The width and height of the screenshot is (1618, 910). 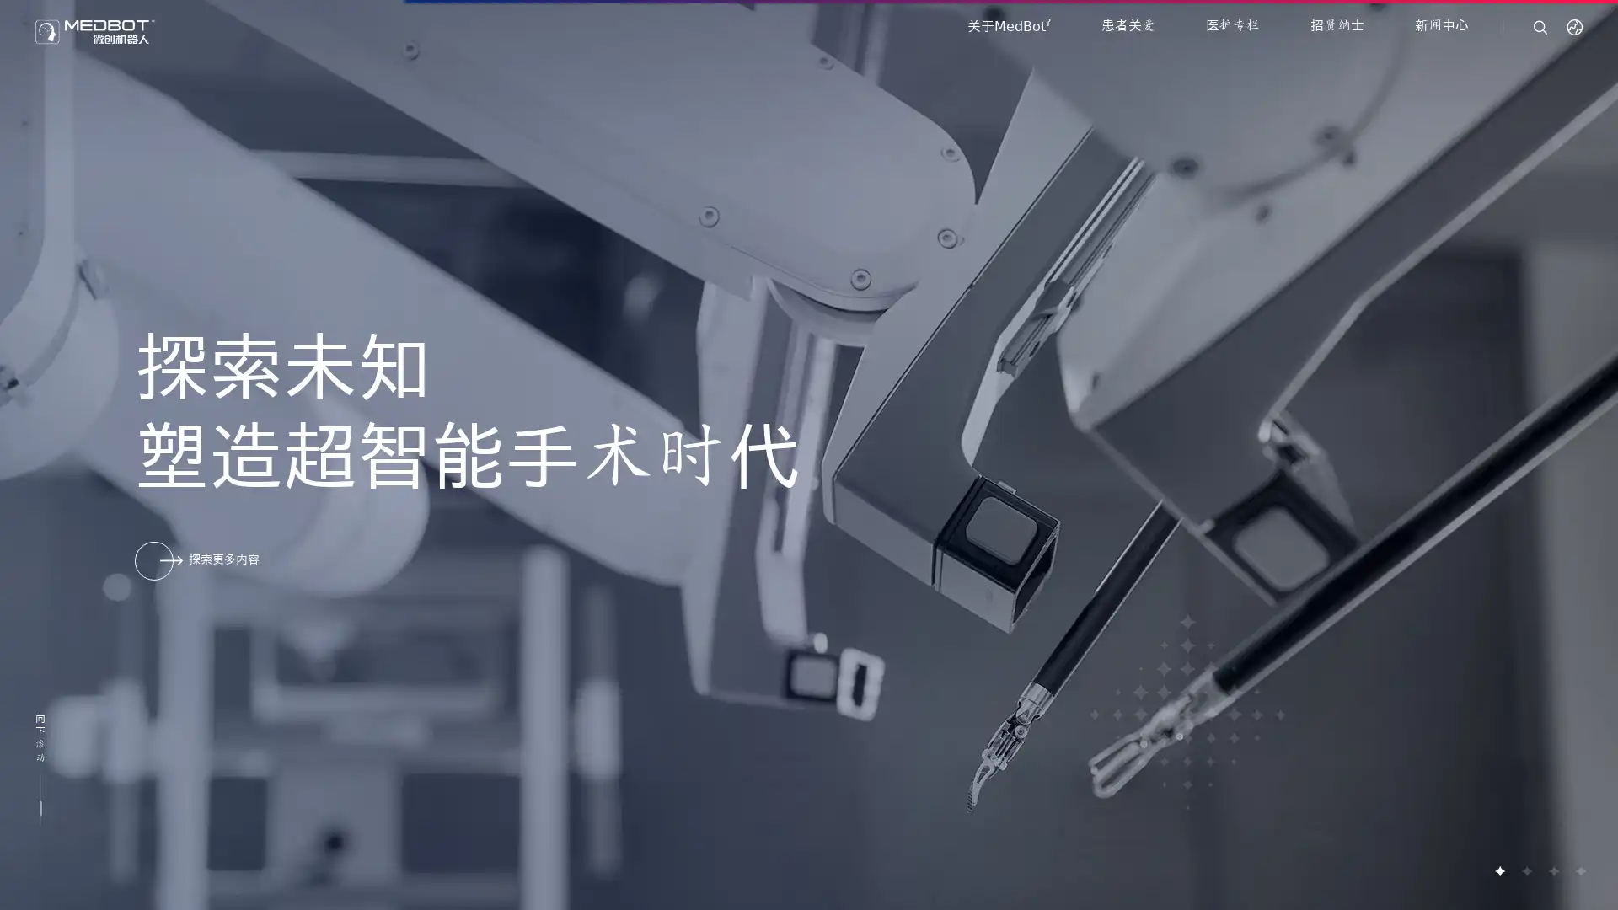 I want to click on Go to slide 3, so click(x=1552, y=870).